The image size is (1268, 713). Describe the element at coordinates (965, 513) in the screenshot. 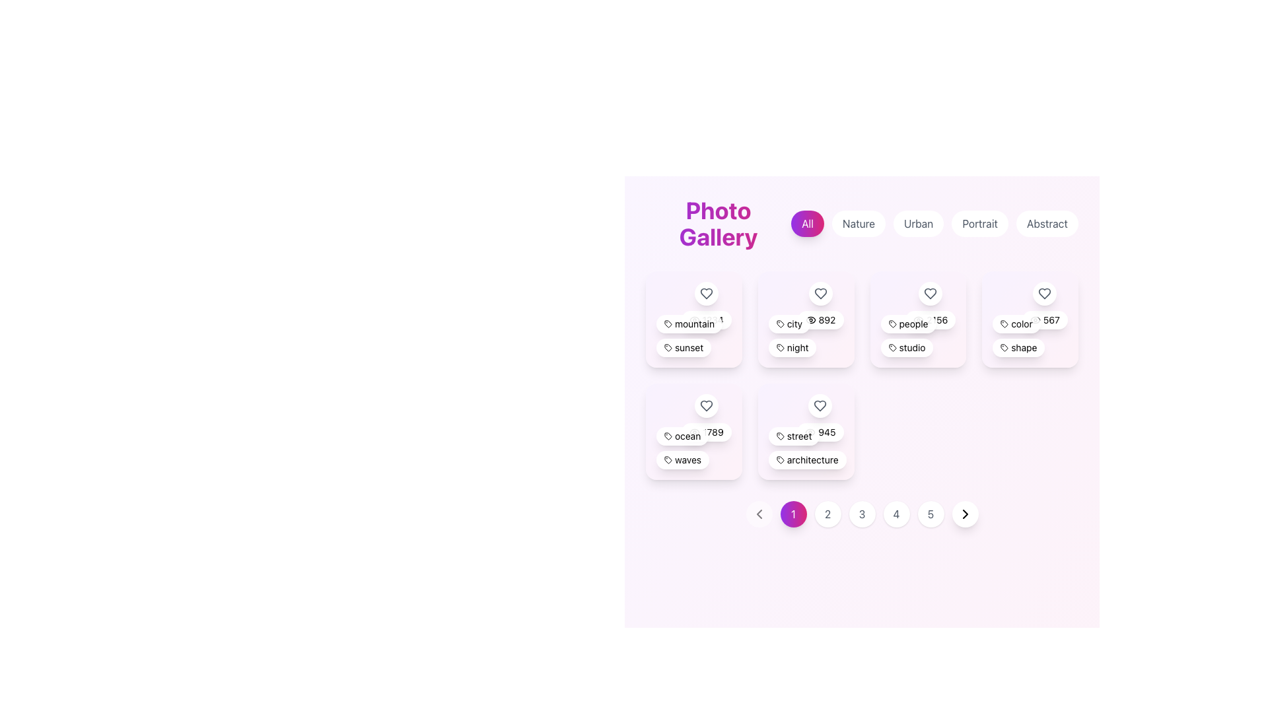

I see `the right-pointing arrow icon button located in the pagination section, to the right of the number '5', to trigger a highlight effect` at that location.